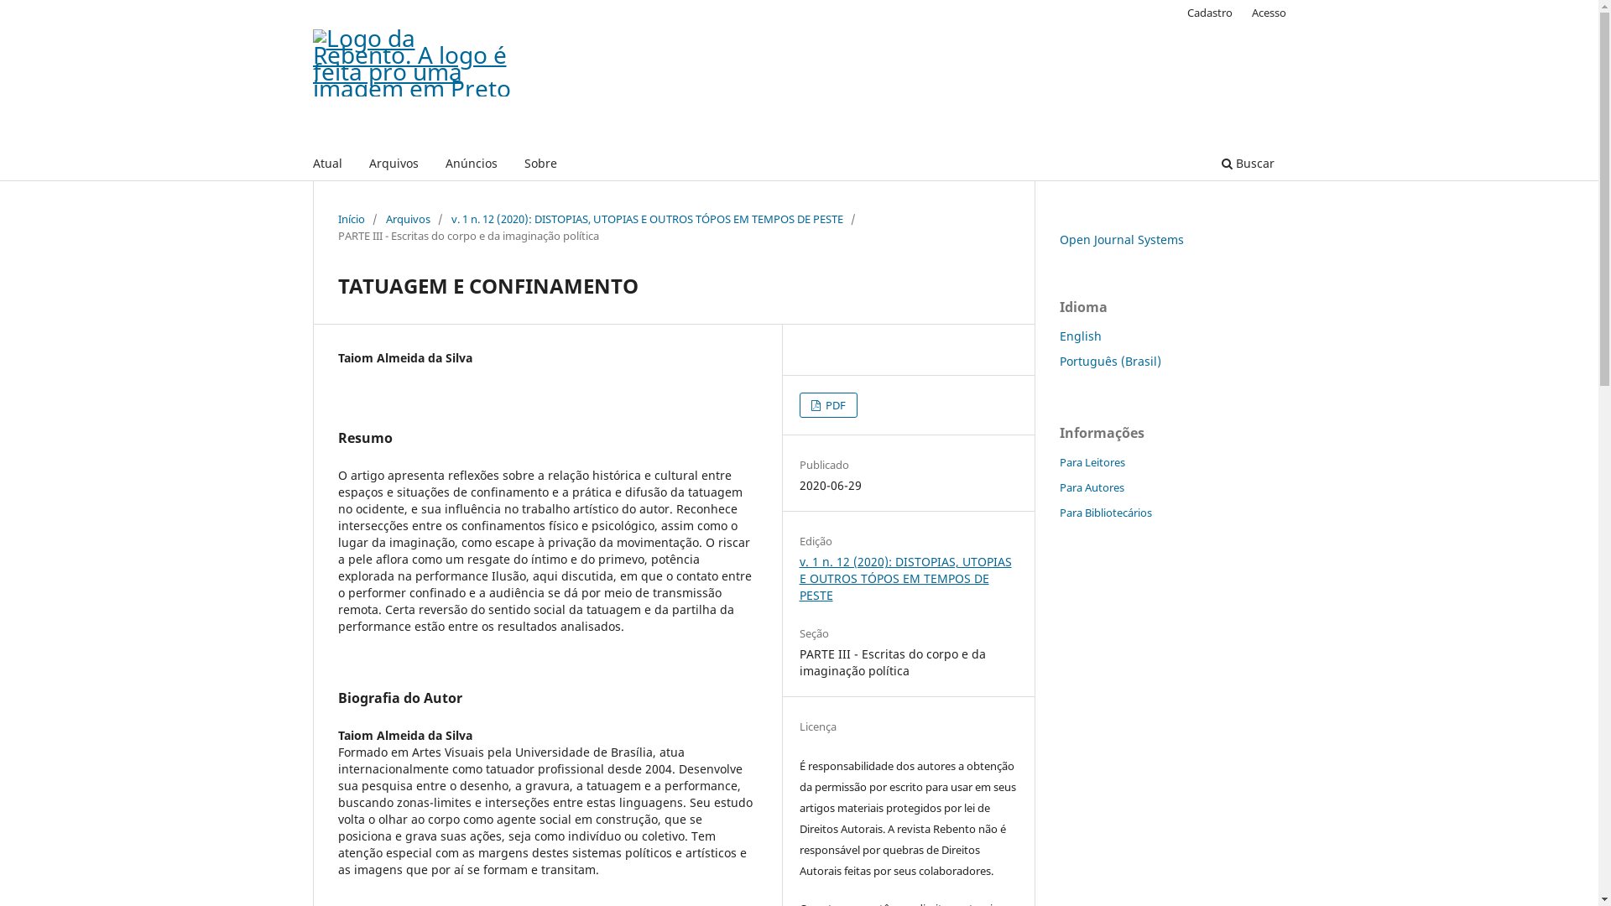  Describe the element at coordinates (408, 218) in the screenshot. I see `'Arquivos'` at that location.